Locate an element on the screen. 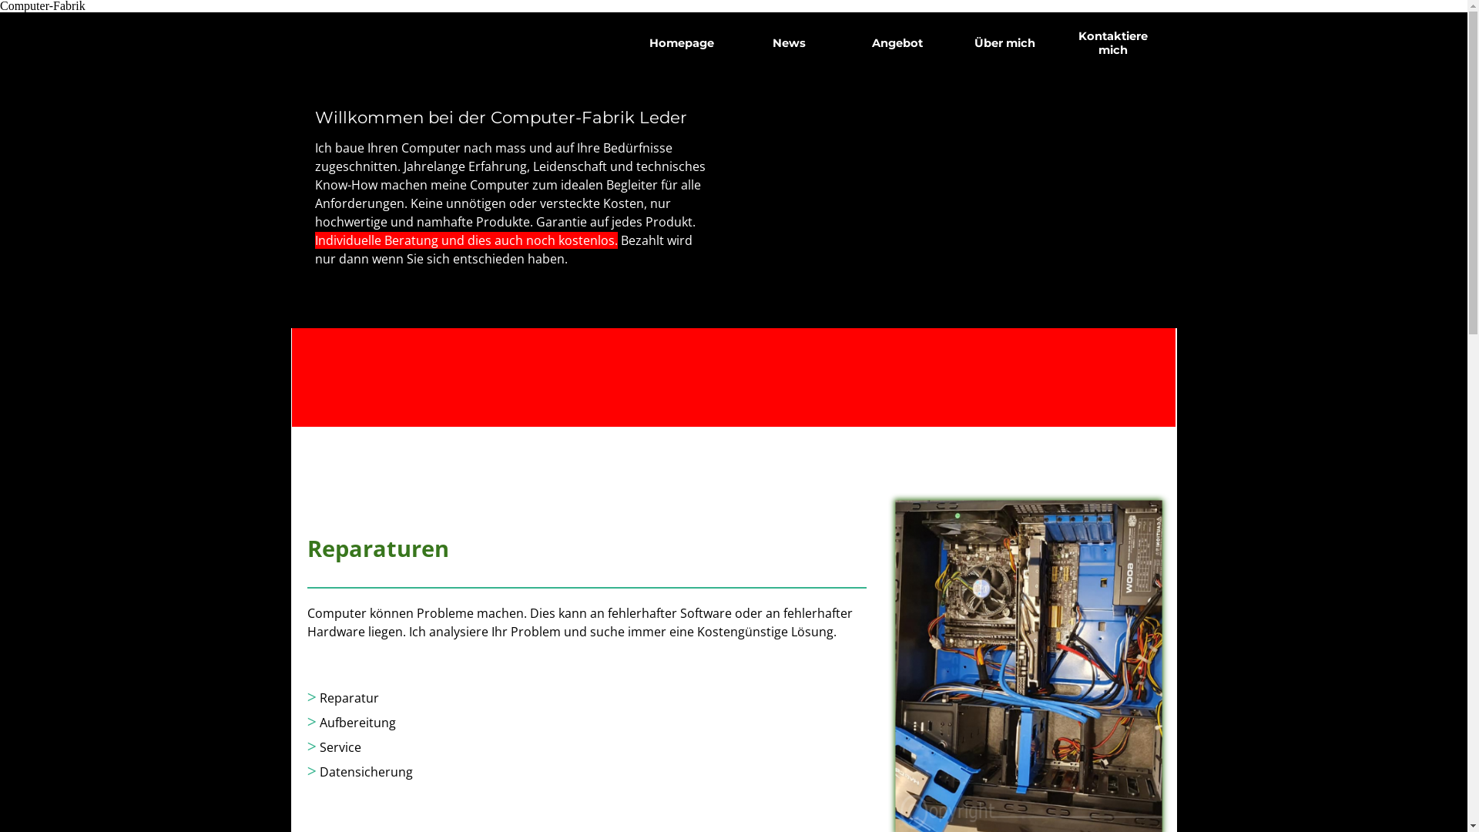 The height and width of the screenshot is (832, 1479). 'News' is located at coordinates (788, 42).